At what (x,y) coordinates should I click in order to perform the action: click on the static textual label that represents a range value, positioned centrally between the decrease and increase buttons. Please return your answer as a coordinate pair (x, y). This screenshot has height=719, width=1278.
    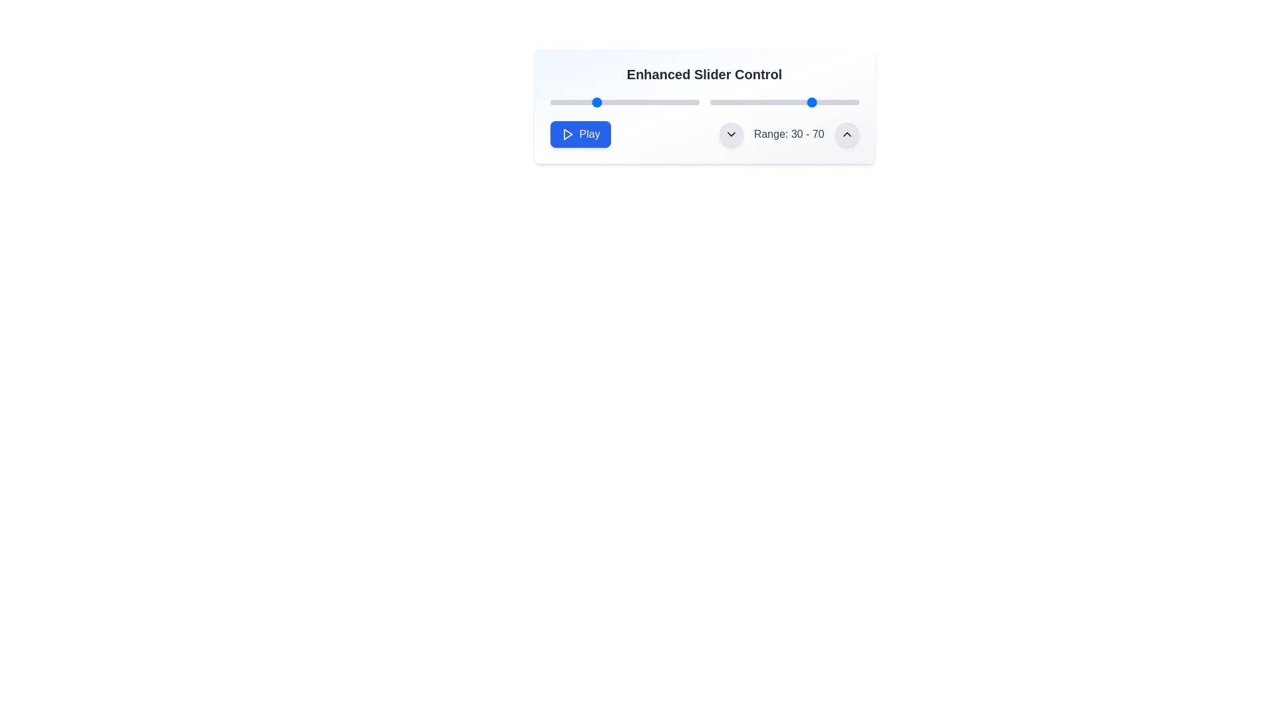
    Looking at the image, I should click on (789, 134).